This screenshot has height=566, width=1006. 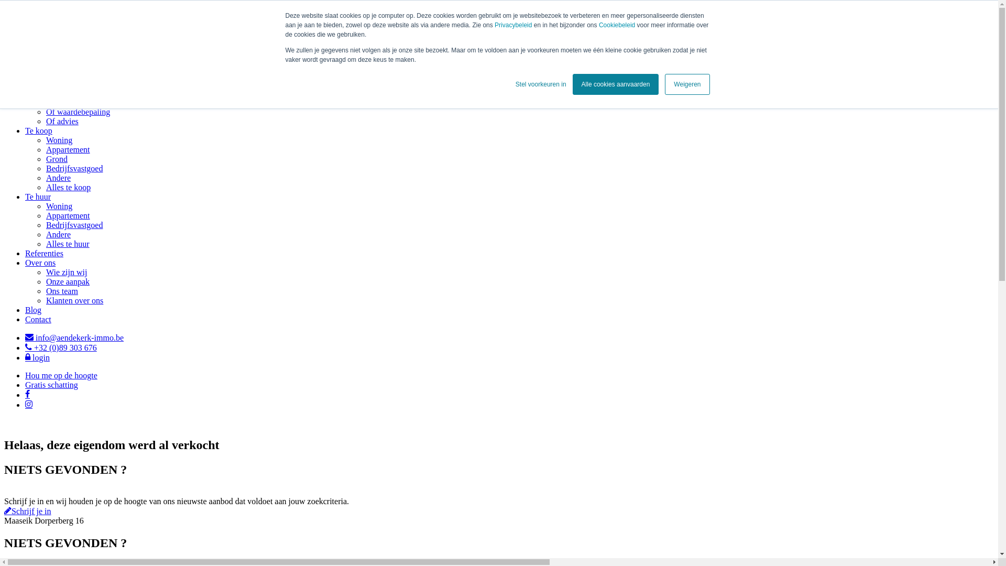 I want to click on 'Of verhuren', so click(x=45, y=92).